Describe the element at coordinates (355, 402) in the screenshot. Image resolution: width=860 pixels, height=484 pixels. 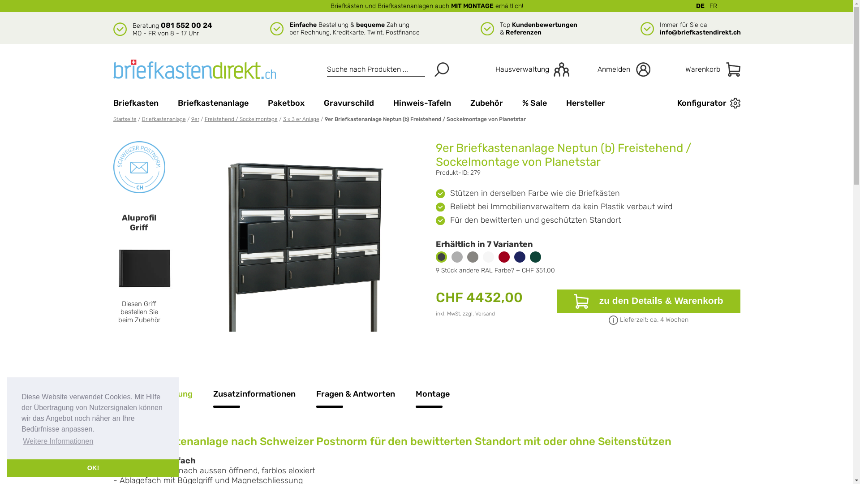
I see `'Fragen & Antworten'` at that location.